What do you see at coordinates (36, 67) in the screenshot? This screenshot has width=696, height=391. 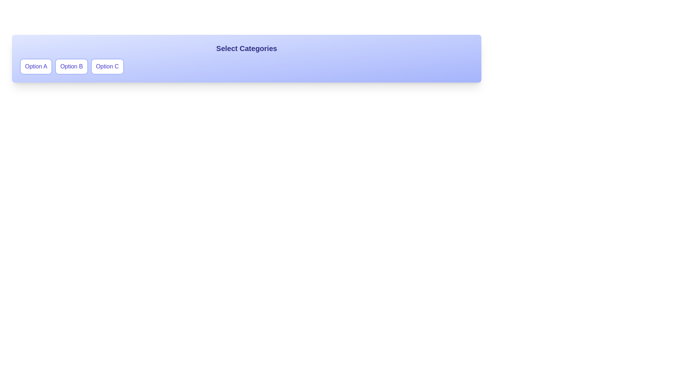 I see `the Option A button to toggle its selection state` at bounding box center [36, 67].